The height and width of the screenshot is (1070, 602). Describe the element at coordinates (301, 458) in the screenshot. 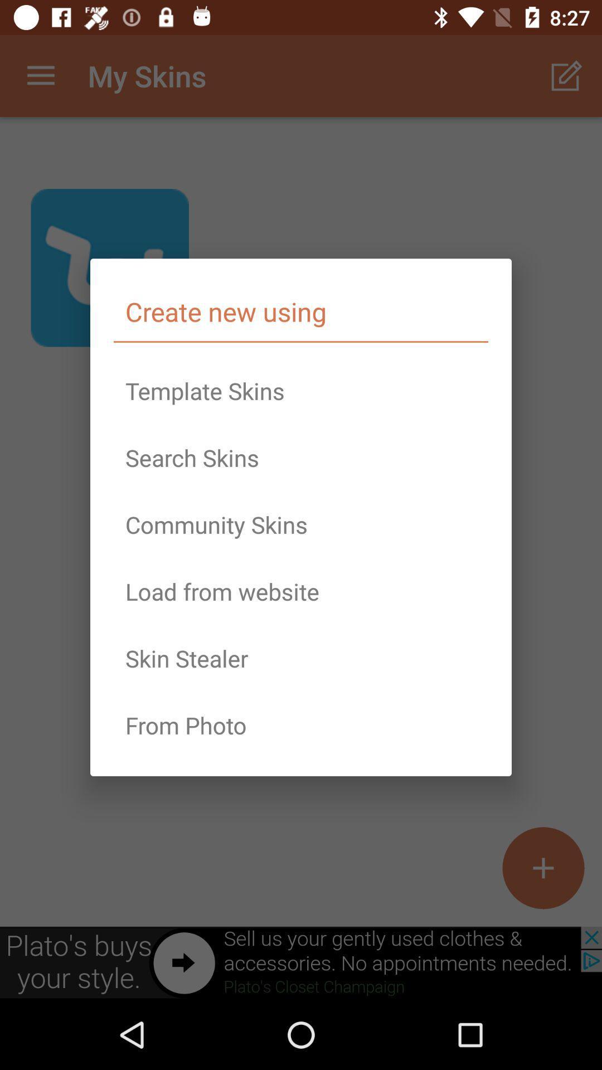

I see `icon below the template skins icon` at that location.